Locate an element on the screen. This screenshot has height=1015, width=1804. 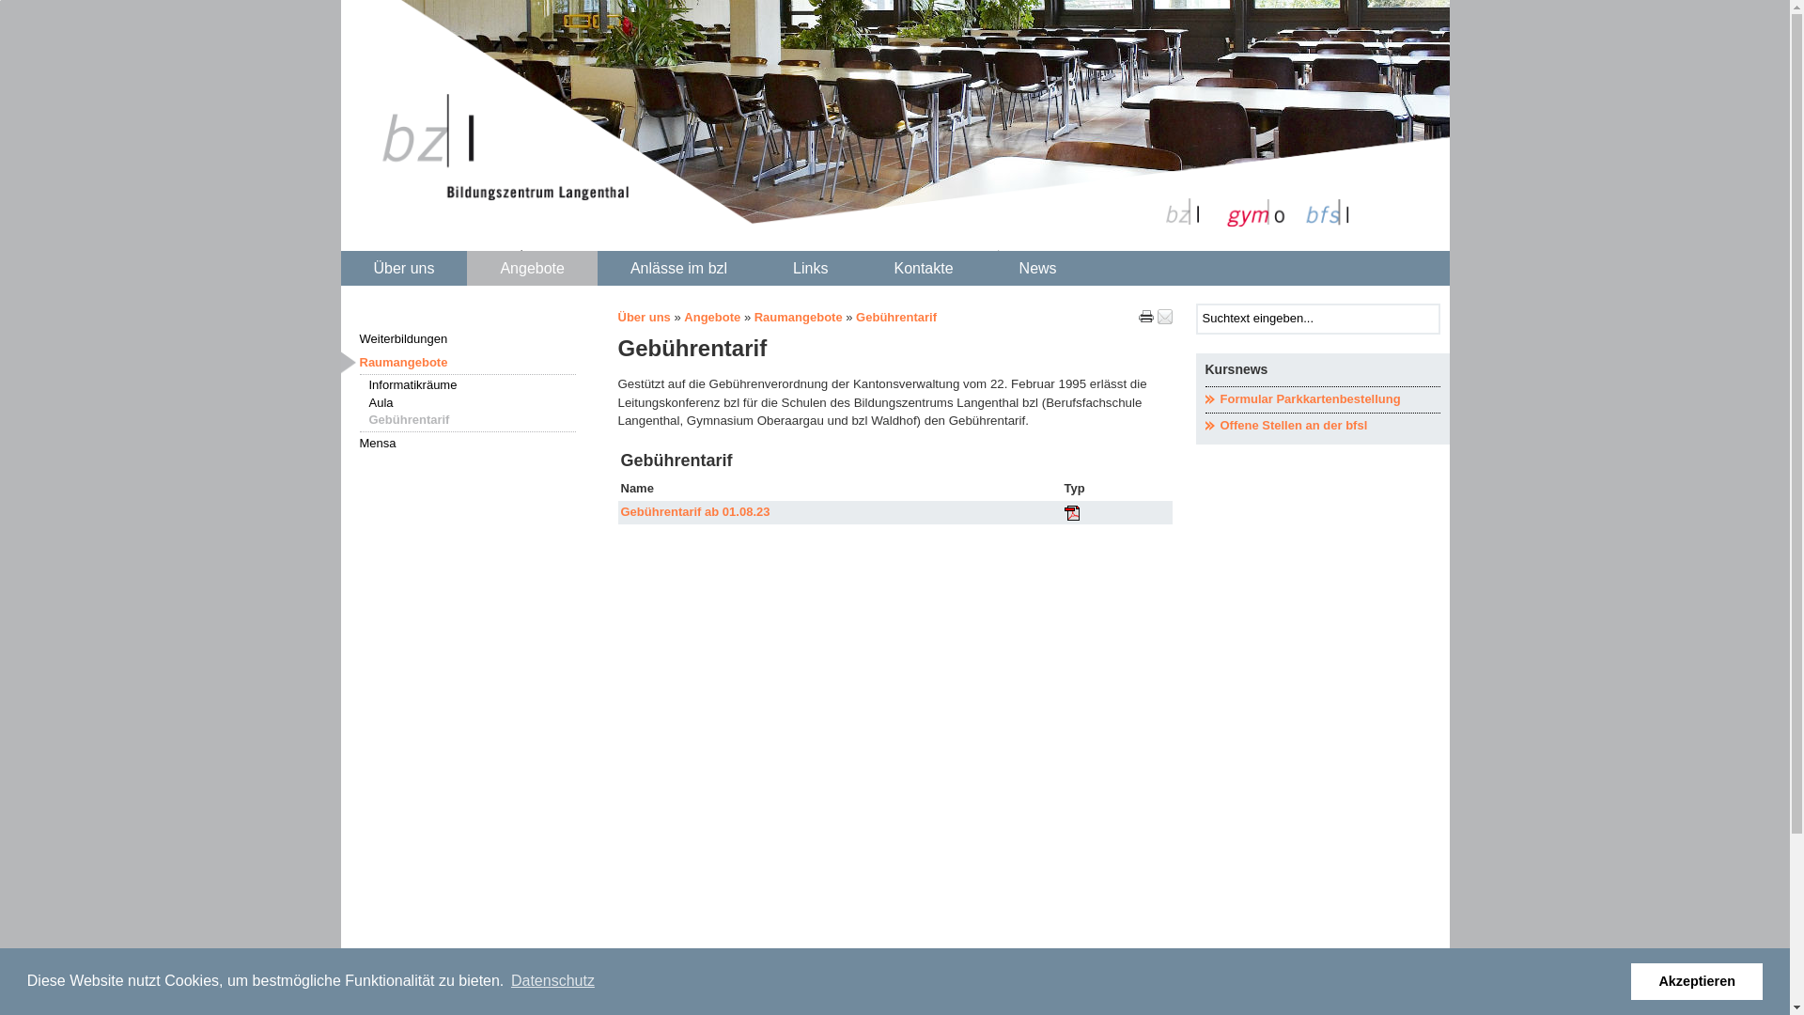
'Offene Stellen an der bfsl ' is located at coordinates (1320, 426).